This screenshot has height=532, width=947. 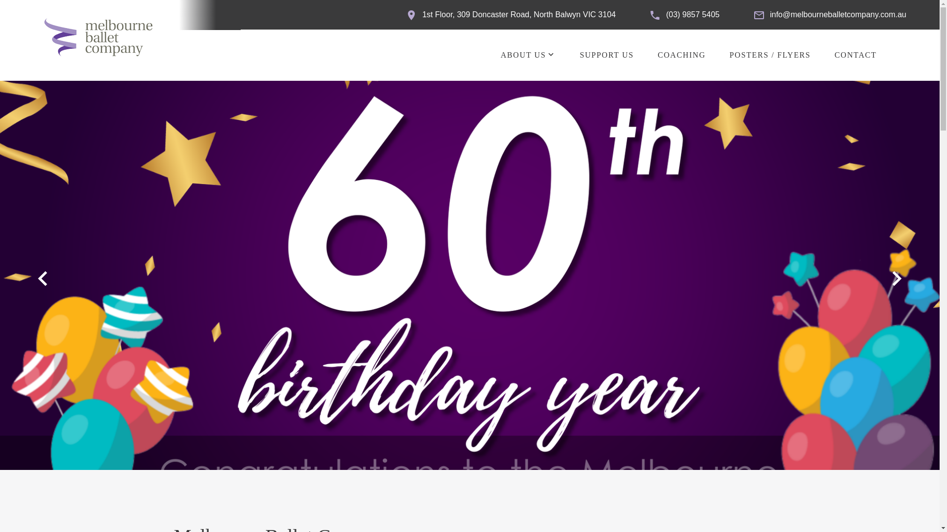 I want to click on 'ABOUT US', so click(x=522, y=55).